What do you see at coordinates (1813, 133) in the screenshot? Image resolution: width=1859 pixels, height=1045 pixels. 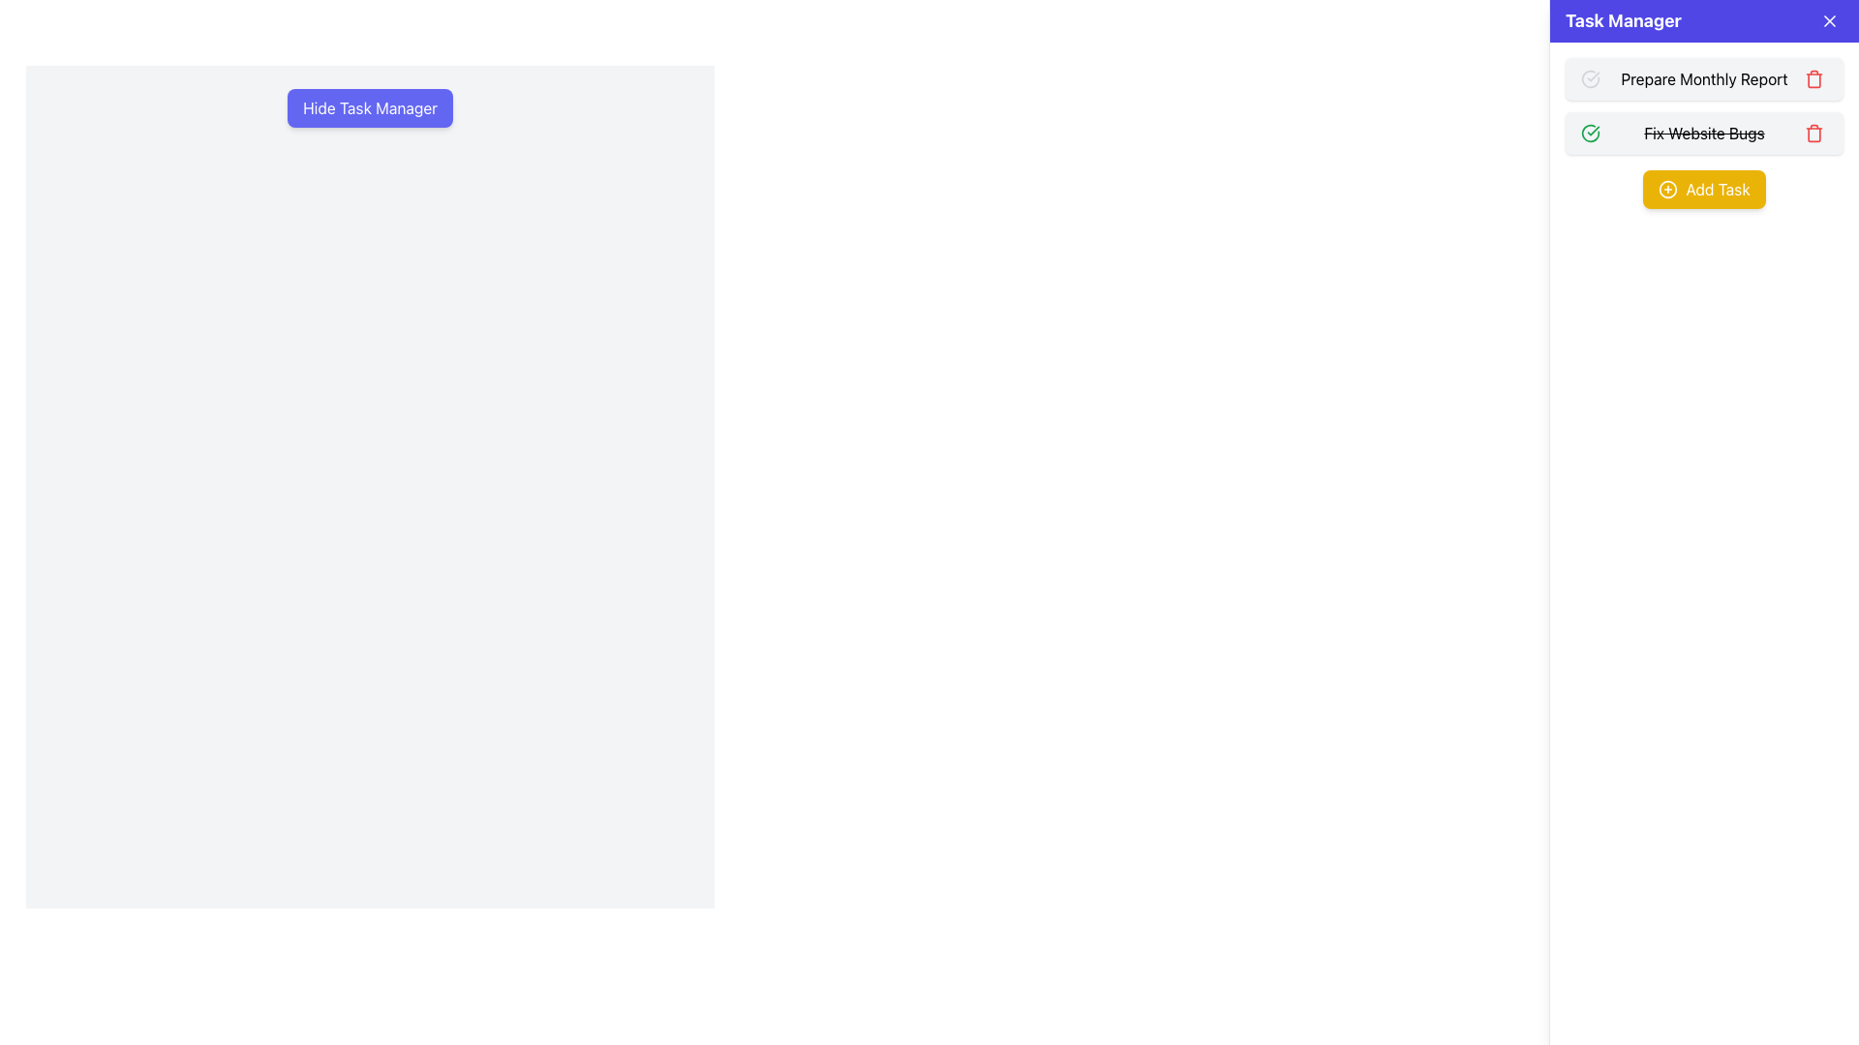 I see `the delete button located next to the task labeled 'Fix Website Bugs'` at bounding box center [1813, 133].